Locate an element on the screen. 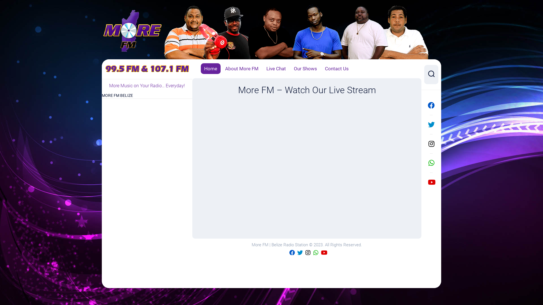  'About More FM' is located at coordinates (242, 68).